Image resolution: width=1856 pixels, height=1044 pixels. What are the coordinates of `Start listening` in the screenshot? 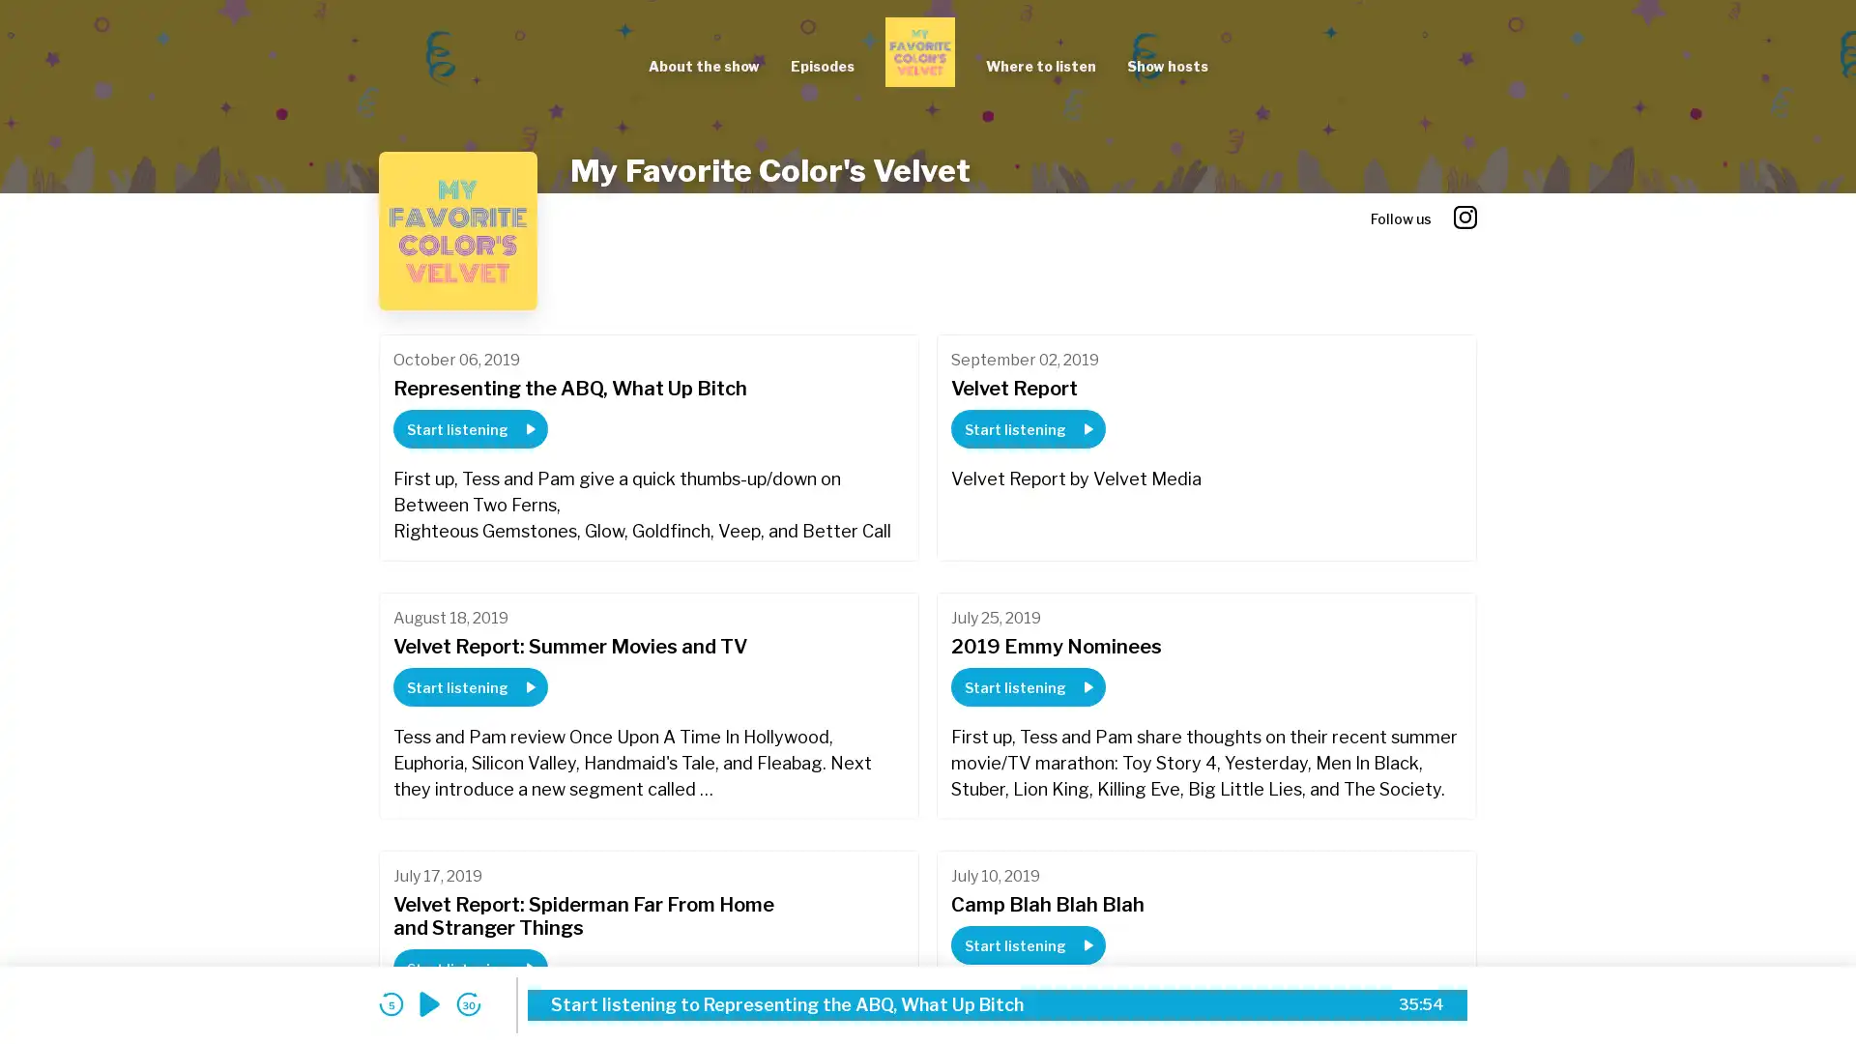 It's located at (469, 427).